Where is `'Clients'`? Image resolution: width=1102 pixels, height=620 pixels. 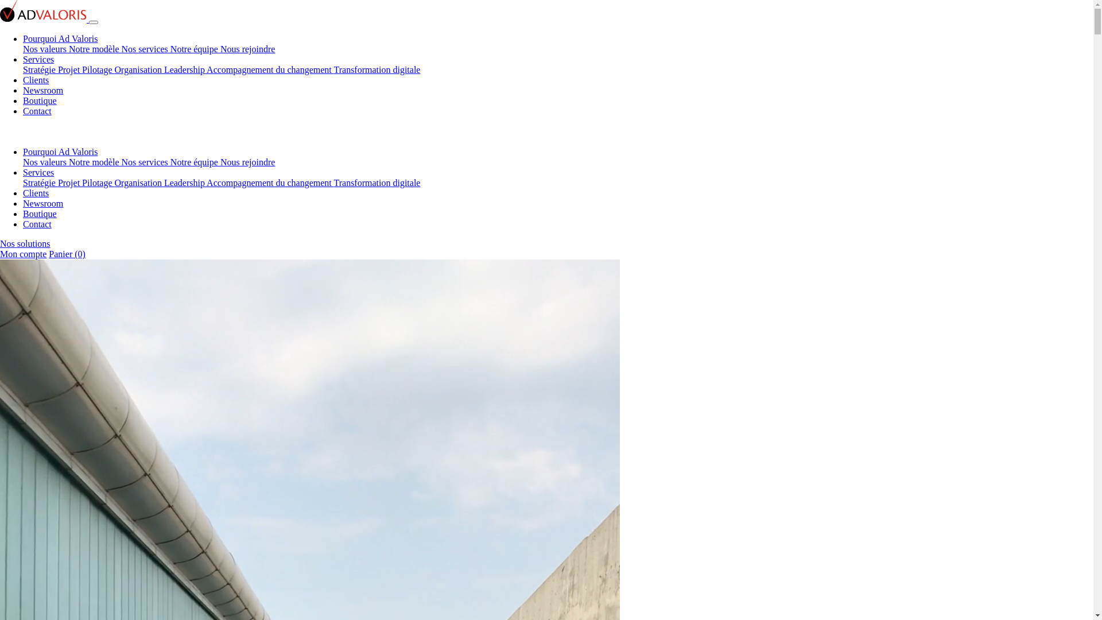 'Clients' is located at coordinates (36, 79).